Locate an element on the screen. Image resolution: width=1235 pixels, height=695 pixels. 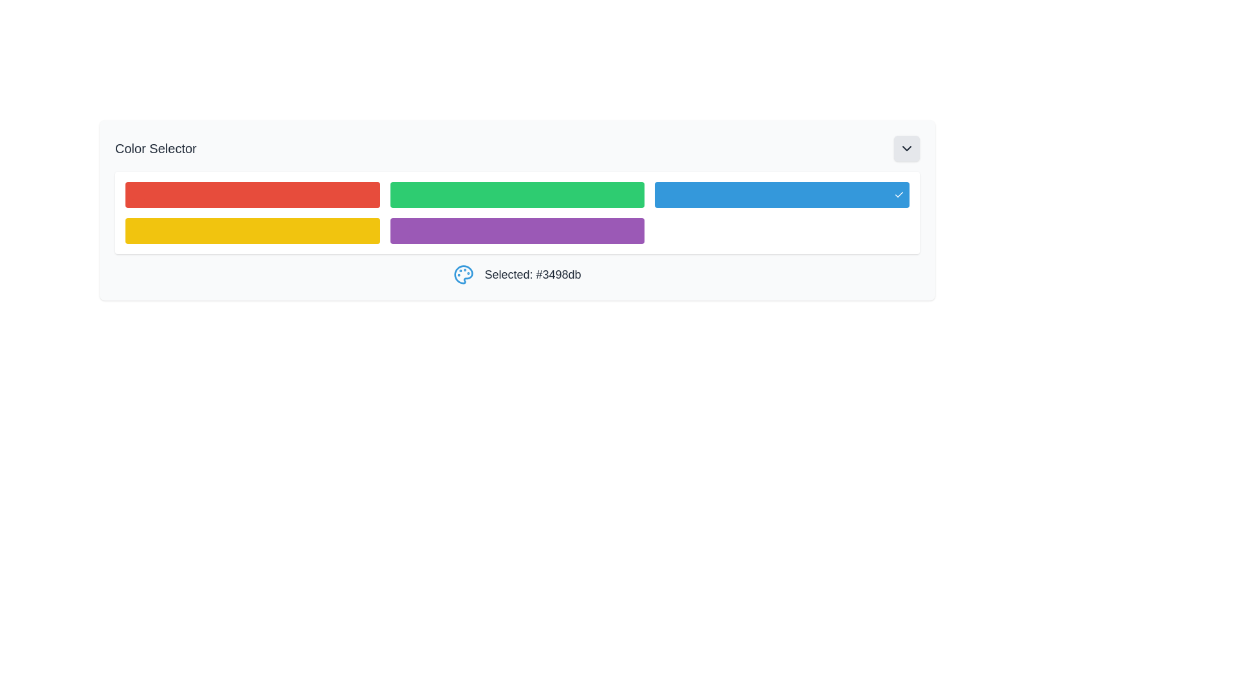
the square shape element located in the yellow color bar, positioned on the second row of the color selector interface is located at coordinates (138, 230).